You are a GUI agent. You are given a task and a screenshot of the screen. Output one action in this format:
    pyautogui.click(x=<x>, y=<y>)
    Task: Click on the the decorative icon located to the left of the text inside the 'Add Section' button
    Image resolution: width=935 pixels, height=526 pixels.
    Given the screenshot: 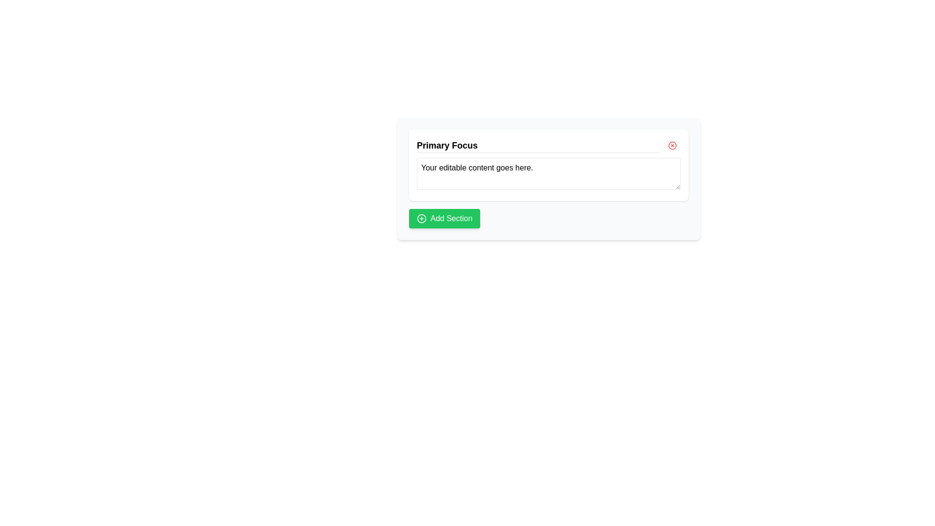 What is the action you would take?
    pyautogui.click(x=421, y=218)
    